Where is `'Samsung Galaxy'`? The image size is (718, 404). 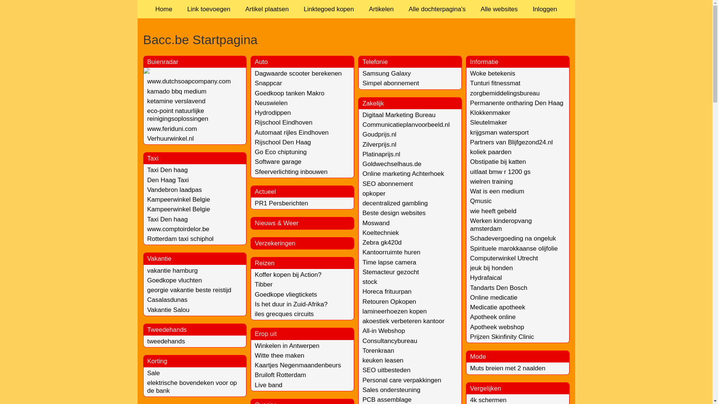
'Samsung Galaxy' is located at coordinates (386, 73).